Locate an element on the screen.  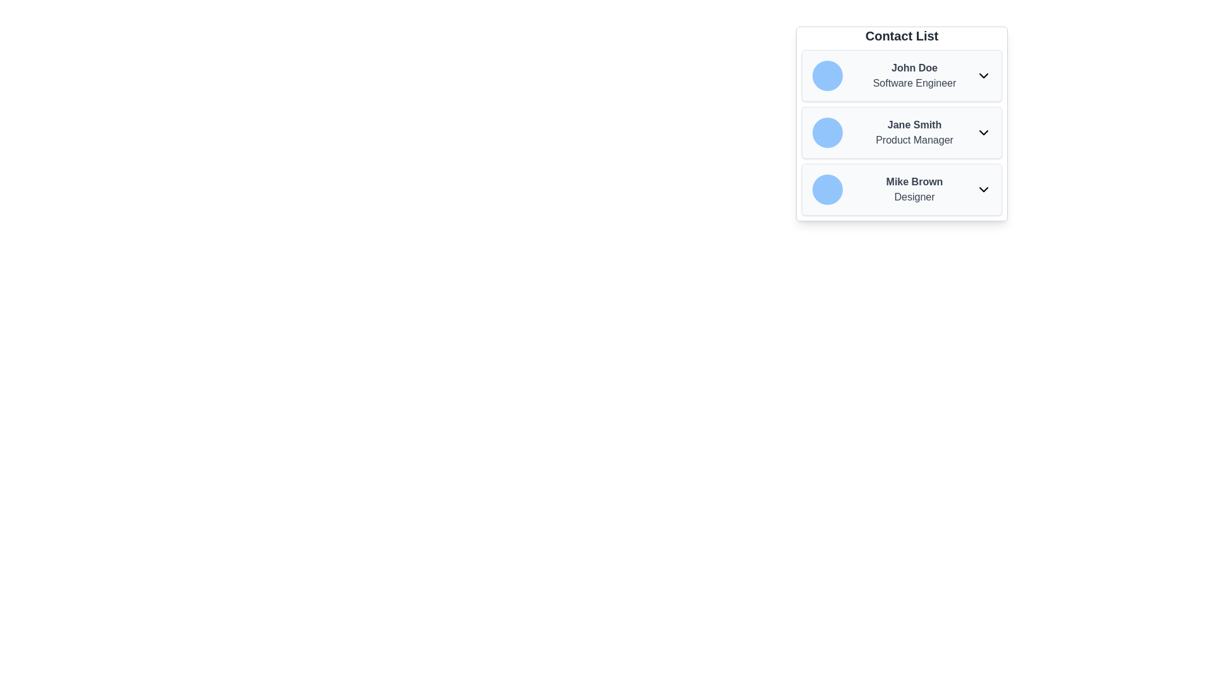
the text label representing a person's name in the first card of a vertical list is located at coordinates (914, 68).